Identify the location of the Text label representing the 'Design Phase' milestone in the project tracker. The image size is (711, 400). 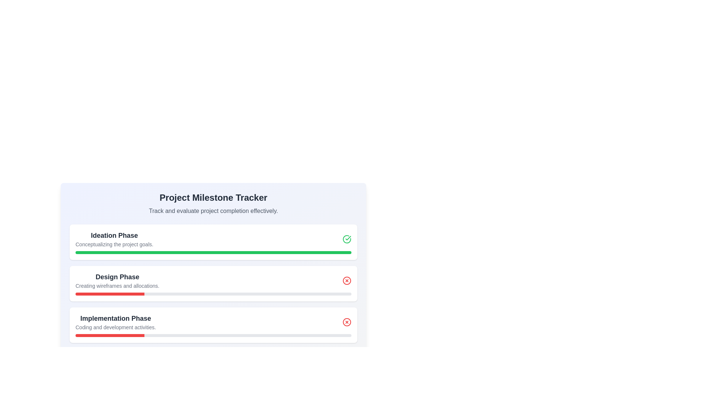
(117, 281).